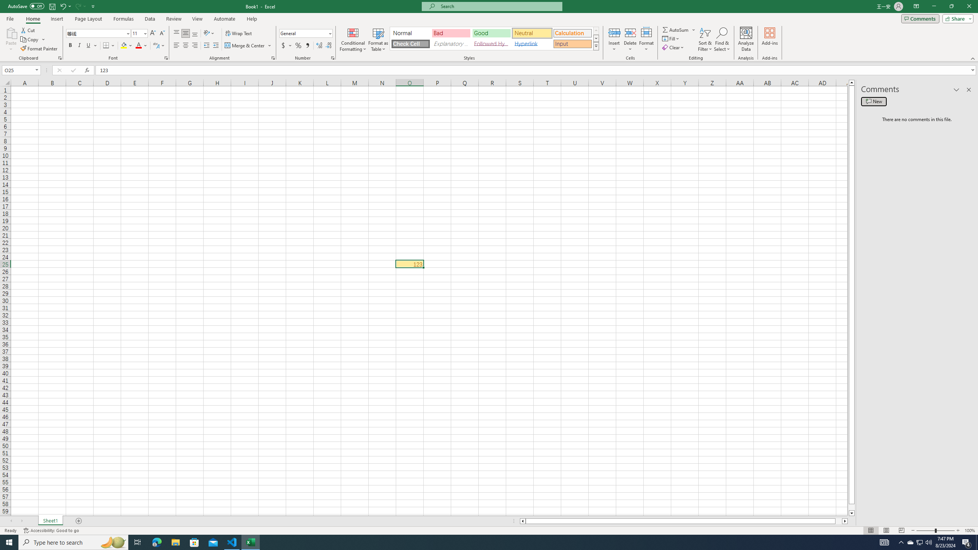 Image resolution: width=978 pixels, height=550 pixels. What do you see at coordinates (495, 38) in the screenshot?
I see `'AutomationID: CellStylesGallery'` at bounding box center [495, 38].